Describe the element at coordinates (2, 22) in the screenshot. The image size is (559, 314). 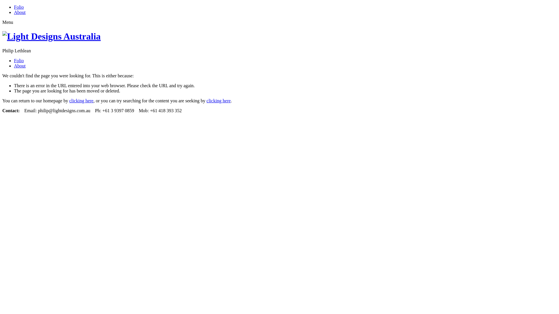
I see `'Menu'` at that location.